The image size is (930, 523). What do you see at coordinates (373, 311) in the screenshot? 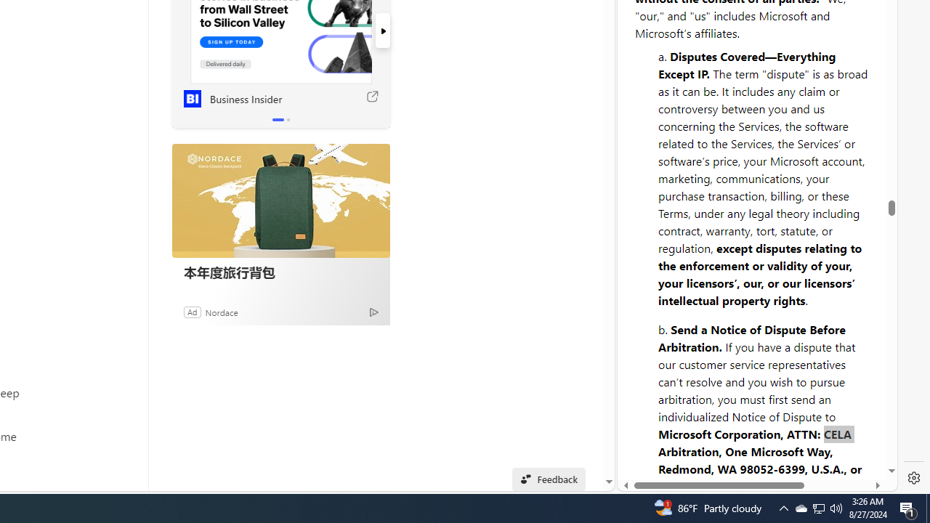
I see `'Ad Choice'` at bounding box center [373, 311].